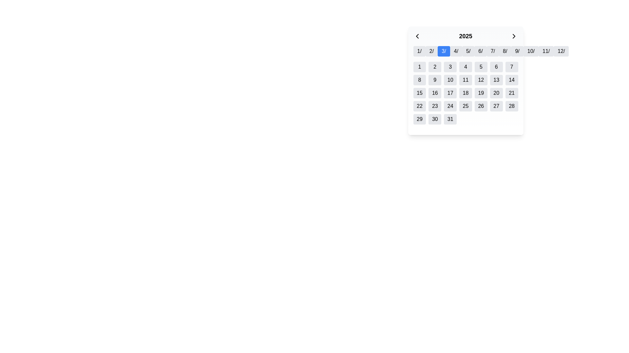 The image size is (629, 353). Describe the element at coordinates (511, 93) in the screenshot. I see `the button displaying the number '21' in the calendar grid, located in the third row and seventh column, which has a light gray background and a rounded rectangle shape` at that location.